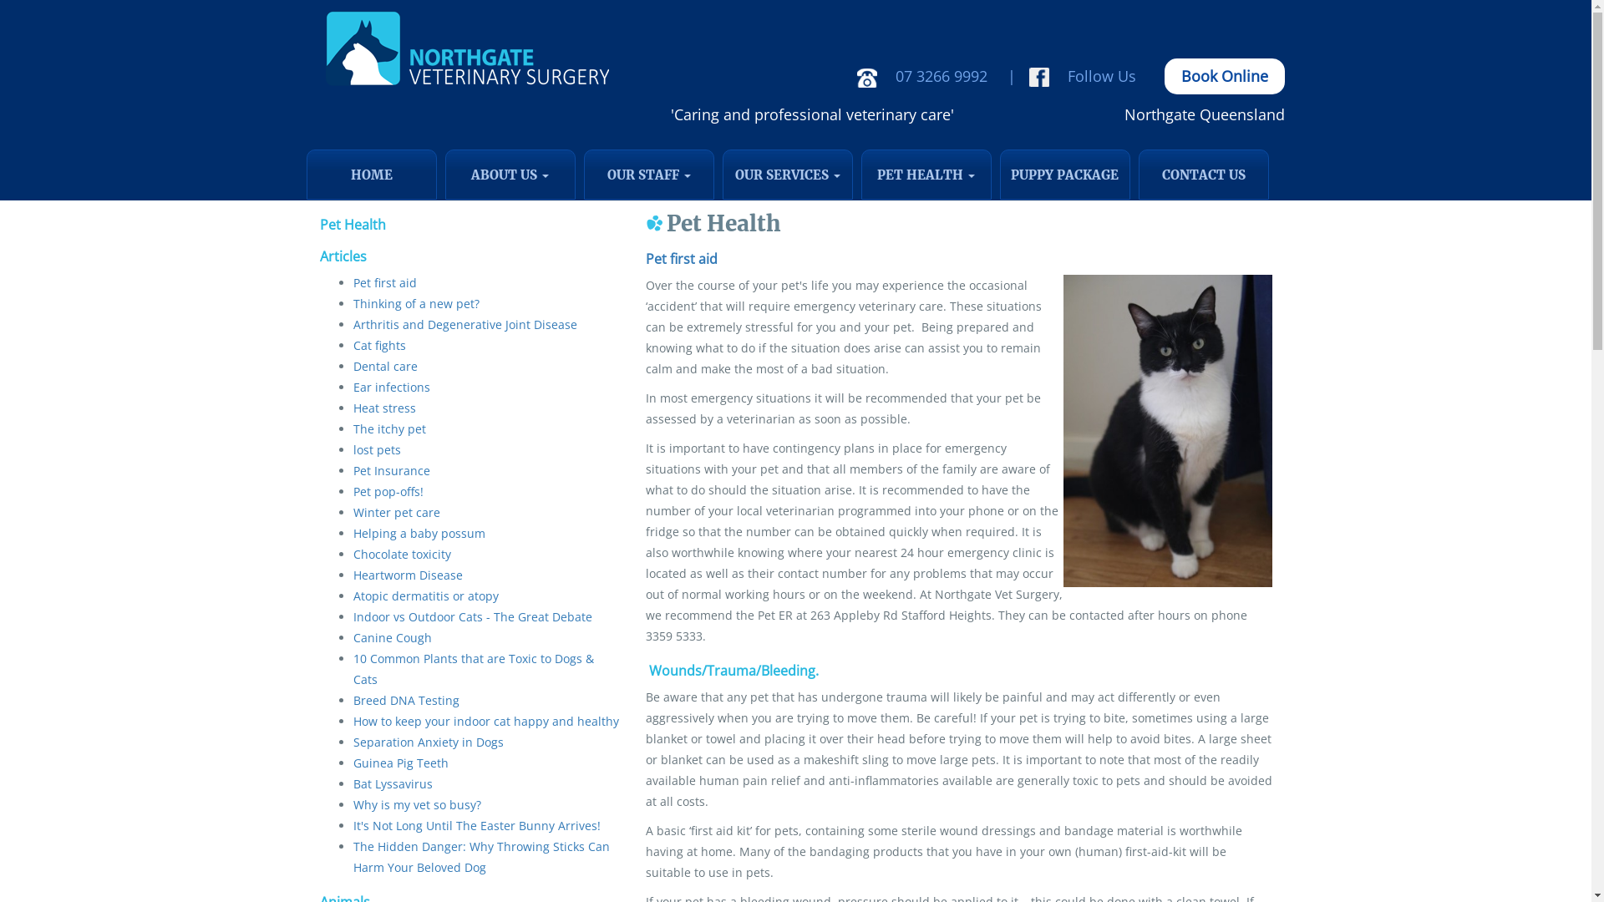 Image resolution: width=1604 pixels, height=902 pixels. What do you see at coordinates (722, 174) in the screenshot?
I see `'OUR SERVICES'` at bounding box center [722, 174].